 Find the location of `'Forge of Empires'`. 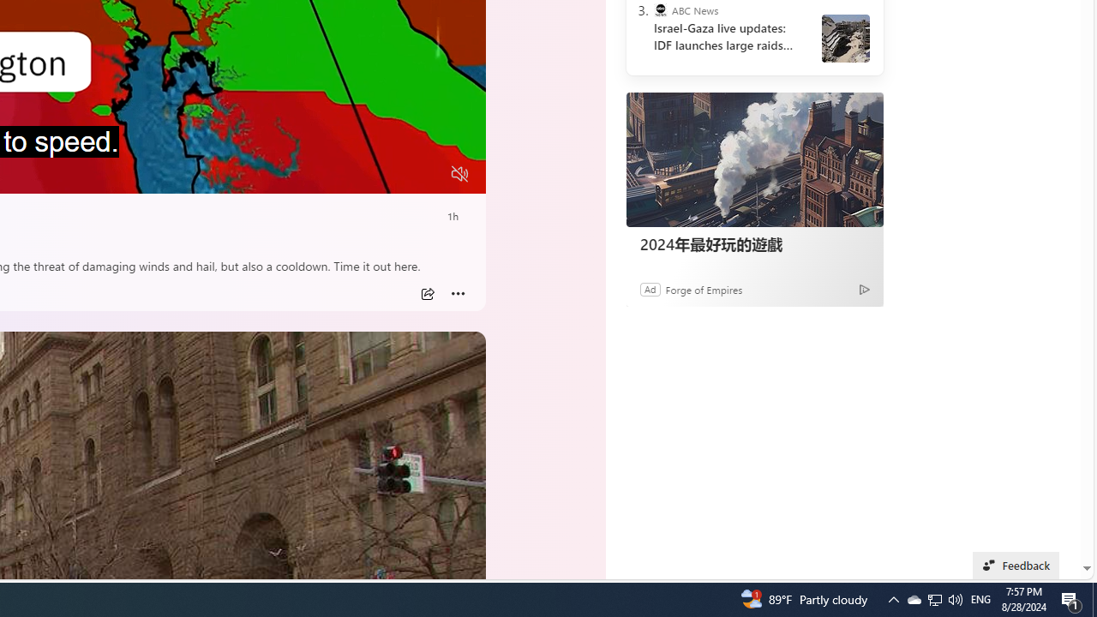

'Forge of Empires' is located at coordinates (704, 288).